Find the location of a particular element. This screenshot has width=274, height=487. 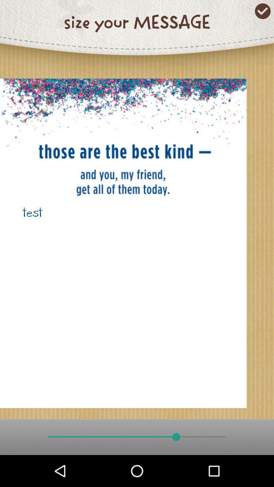

icon to the right of the size your message item is located at coordinates (263, 11).